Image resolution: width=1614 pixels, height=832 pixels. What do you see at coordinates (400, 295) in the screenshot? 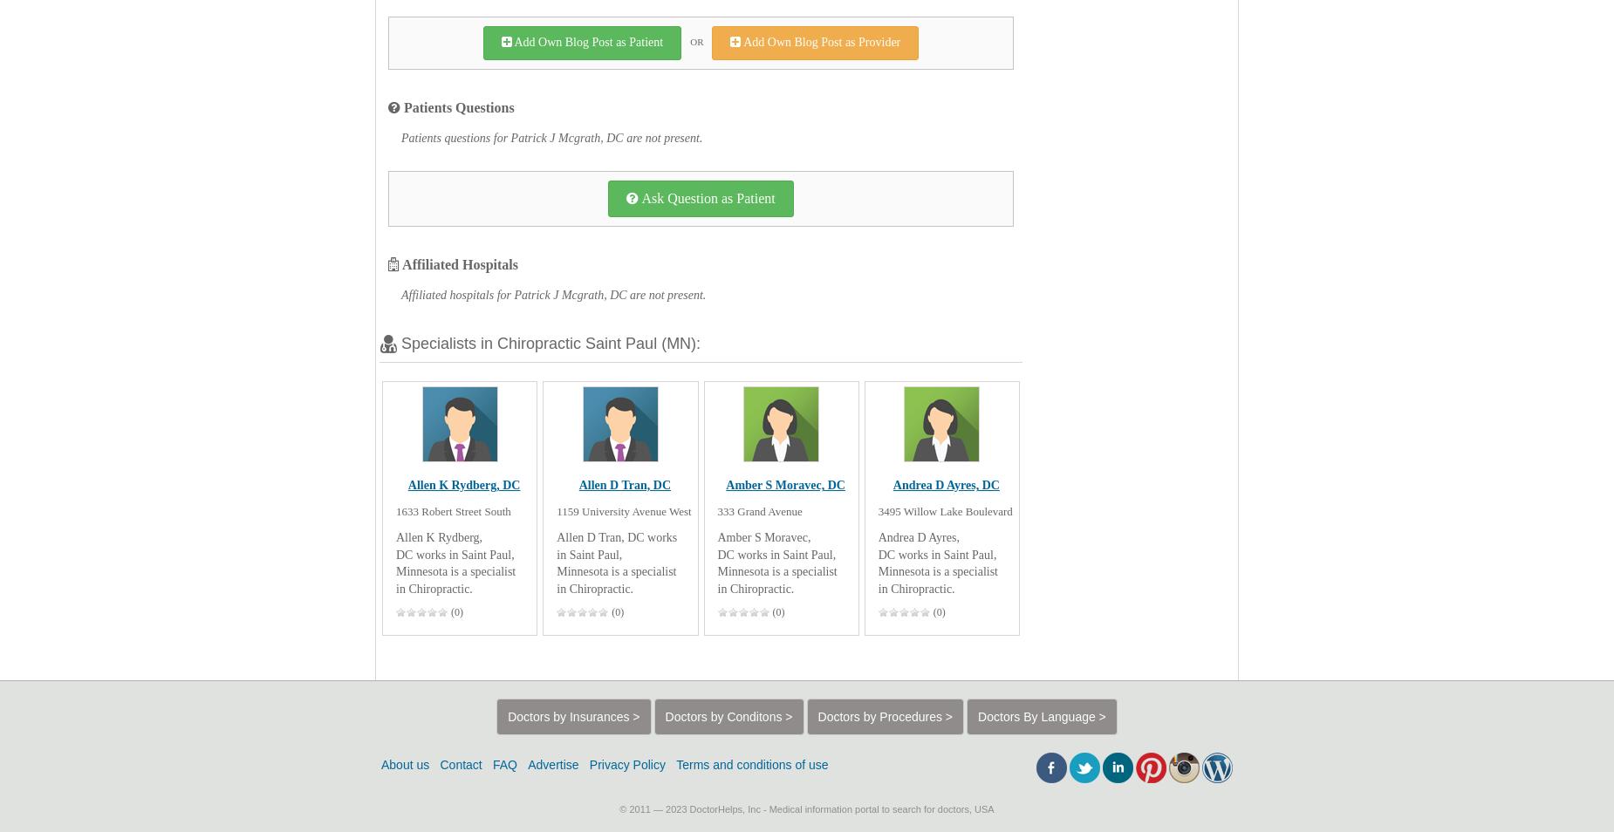
I see `'Affiliated hospitals for Patrick J Mcgrath, DC are not present.'` at bounding box center [400, 295].